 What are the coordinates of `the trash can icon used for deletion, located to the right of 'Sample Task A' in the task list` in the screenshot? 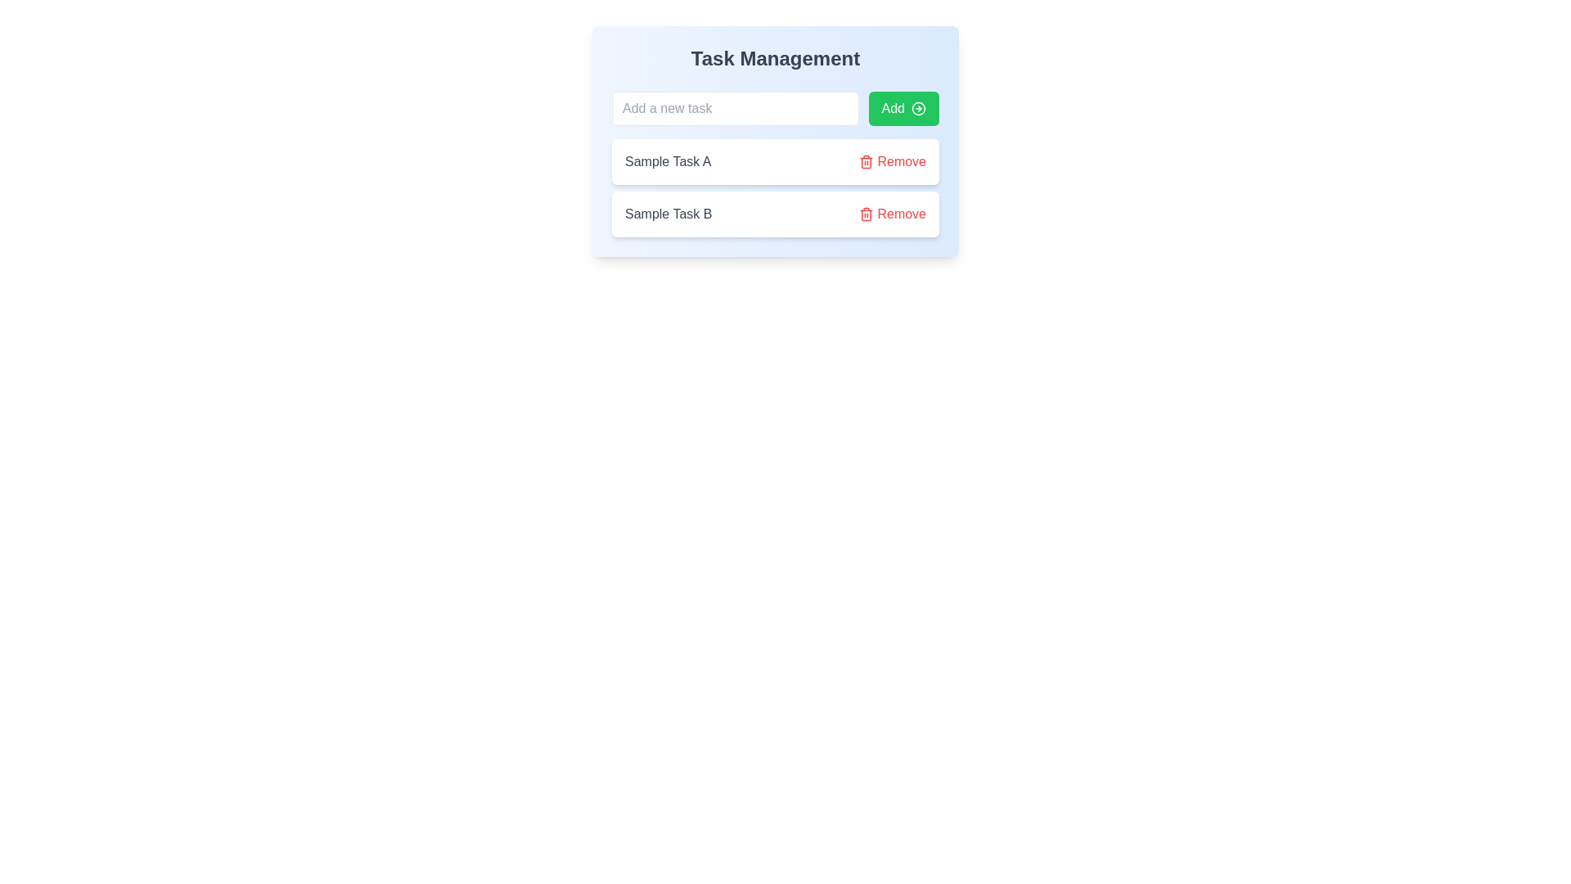 It's located at (866, 163).